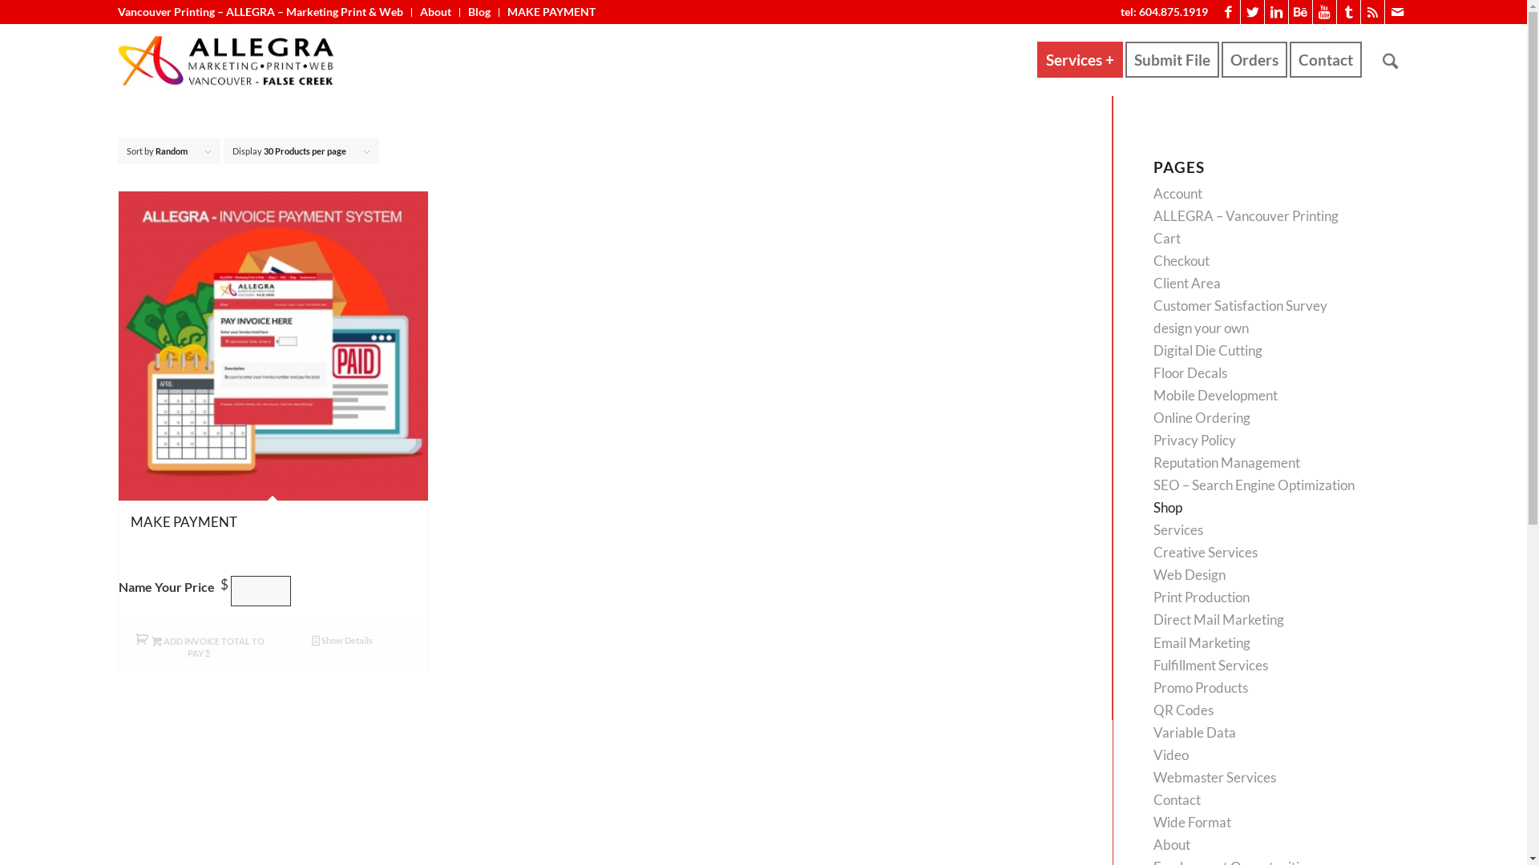 This screenshot has height=865, width=1539. What do you see at coordinates (1080, 58) in the screenshot?
I see `'Services +'` at bounding box center [1080, 58].